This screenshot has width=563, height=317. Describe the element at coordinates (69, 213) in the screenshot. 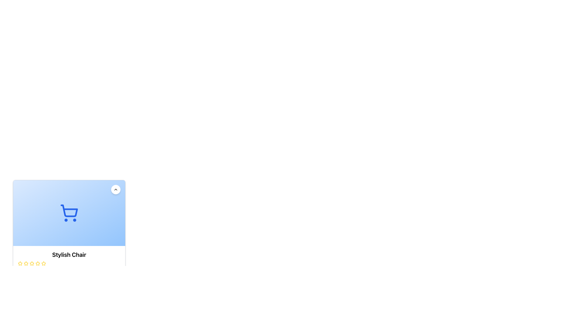

I see `the shopping-related decorative icon located at the center of the blue rectangular box at the top of the product card` at that location.